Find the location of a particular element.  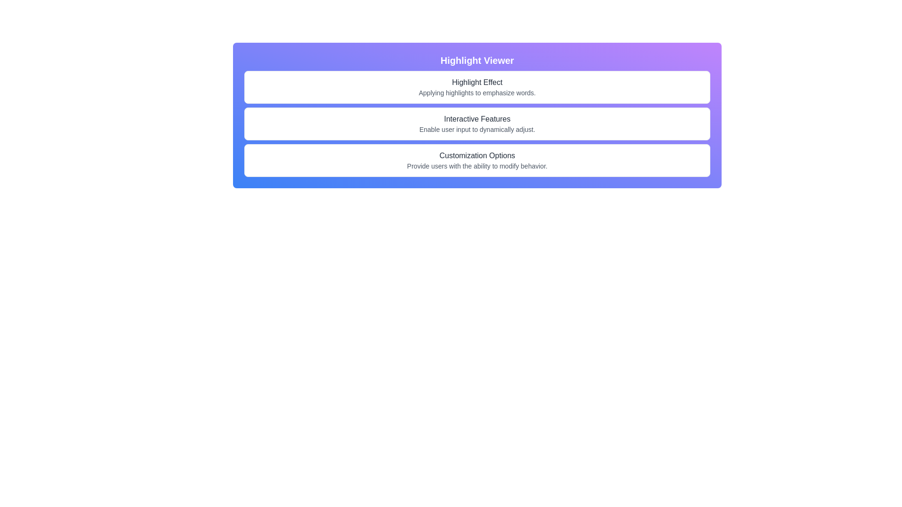

the final character of the text 'Customization Options', which is positioned towards the right edge of the text string is located at coordinates (509, 155).